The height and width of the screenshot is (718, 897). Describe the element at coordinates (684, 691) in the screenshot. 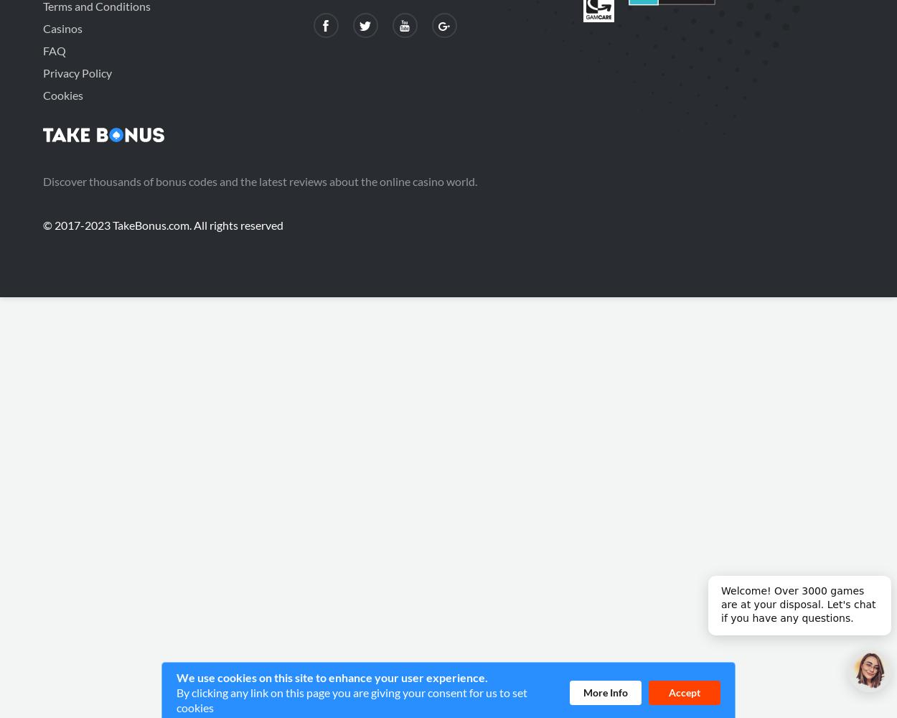

I see `'Accept'` at that location.